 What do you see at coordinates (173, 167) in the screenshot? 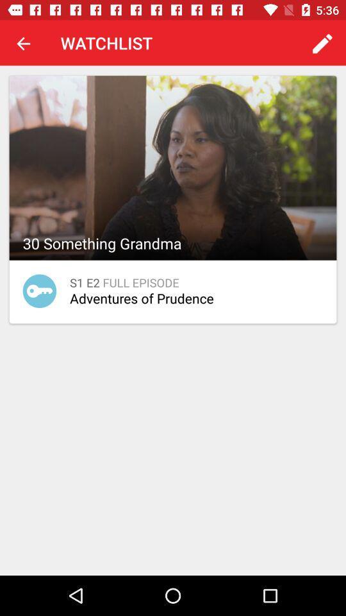
I see `the image above s1 e2 full episode` at bounding box center [173, 167].